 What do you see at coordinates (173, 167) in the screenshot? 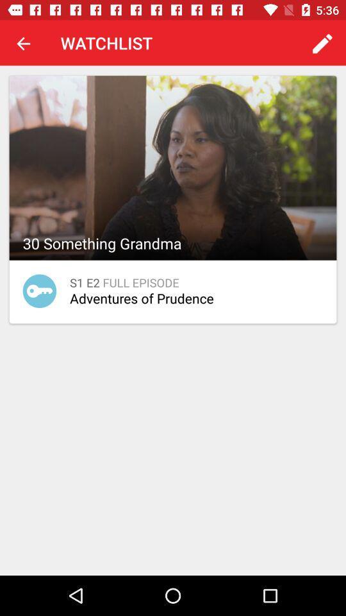
I see `the image above s1 e2 full episode` at bounding box center [173, 167].